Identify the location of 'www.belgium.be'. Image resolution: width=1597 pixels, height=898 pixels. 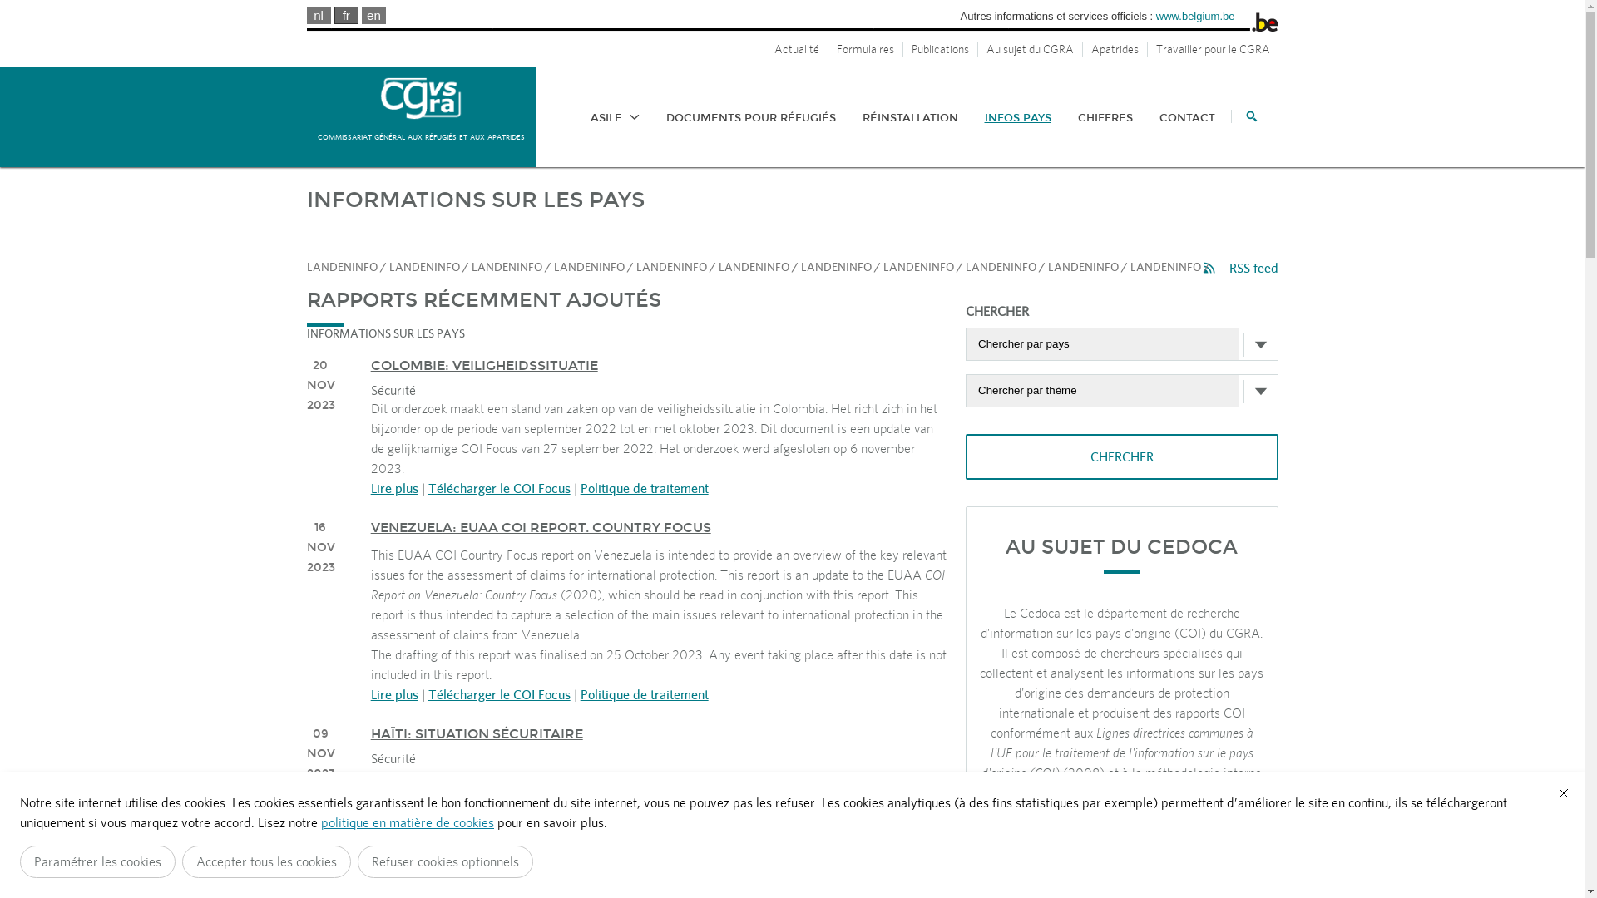
(1194, 16).